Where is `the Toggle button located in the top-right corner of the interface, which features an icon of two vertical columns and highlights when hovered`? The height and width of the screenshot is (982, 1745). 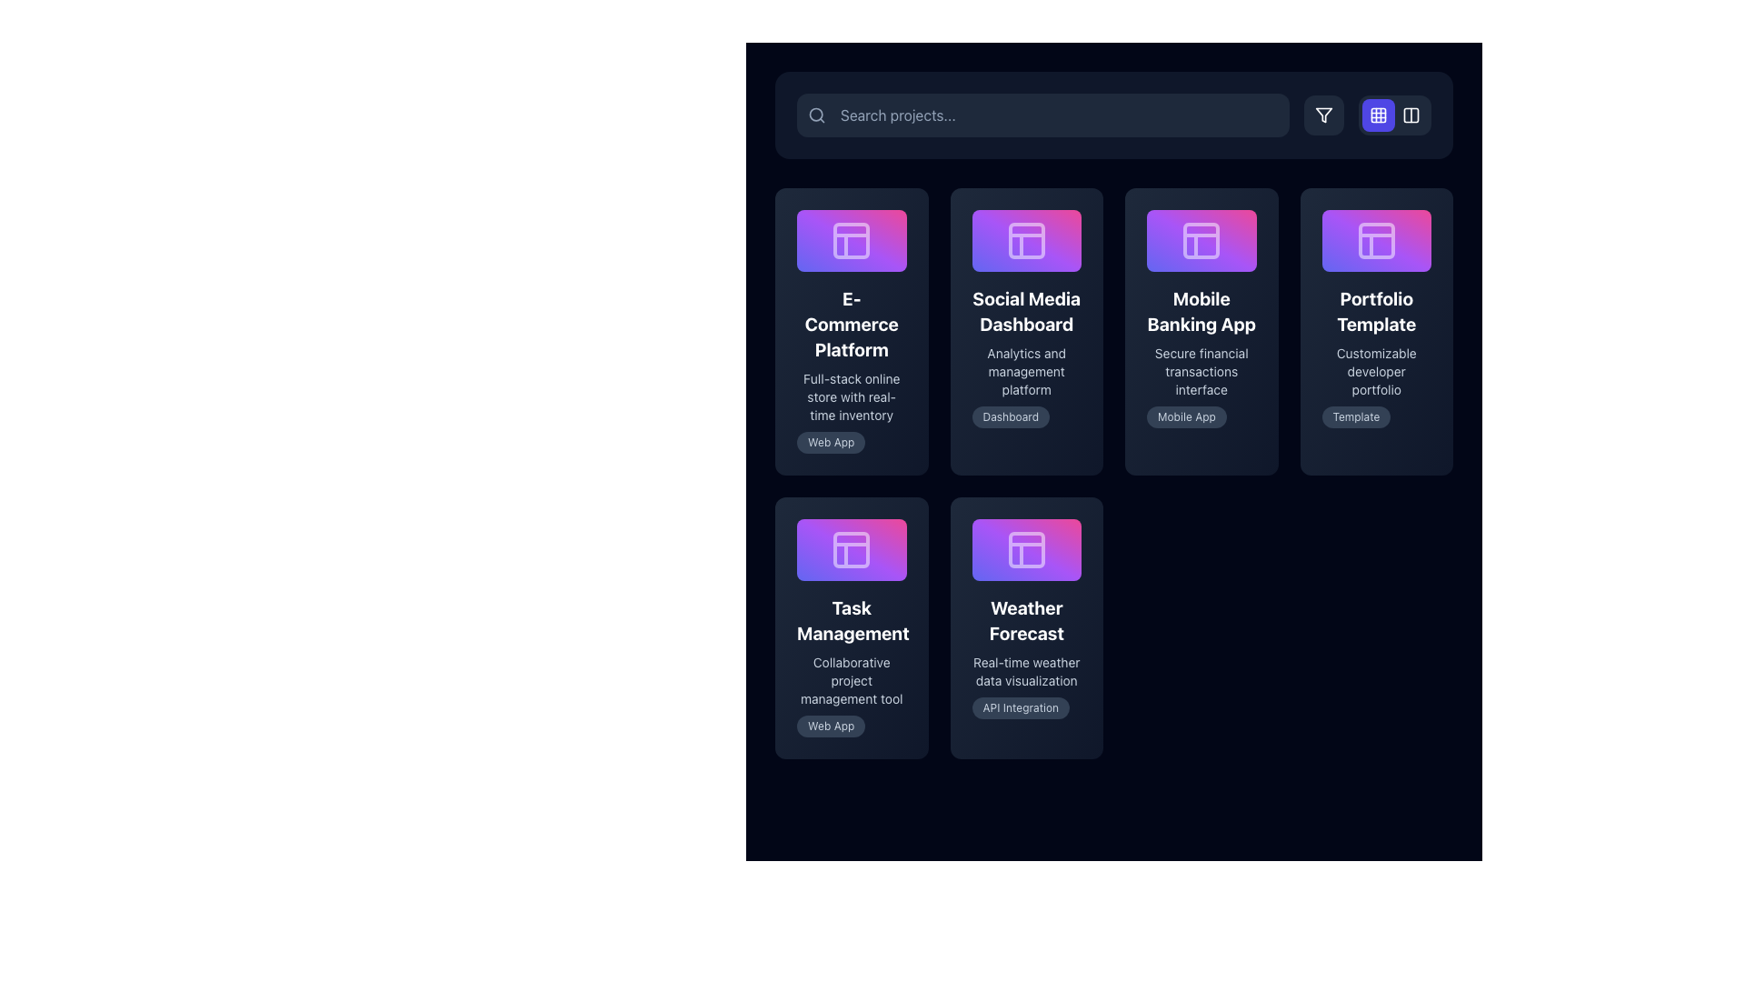
the Toggle button located in the top-right corner of the interface, which features an icon of two vertical columns and highlights when hovered is located at coordinates (1411, 115).